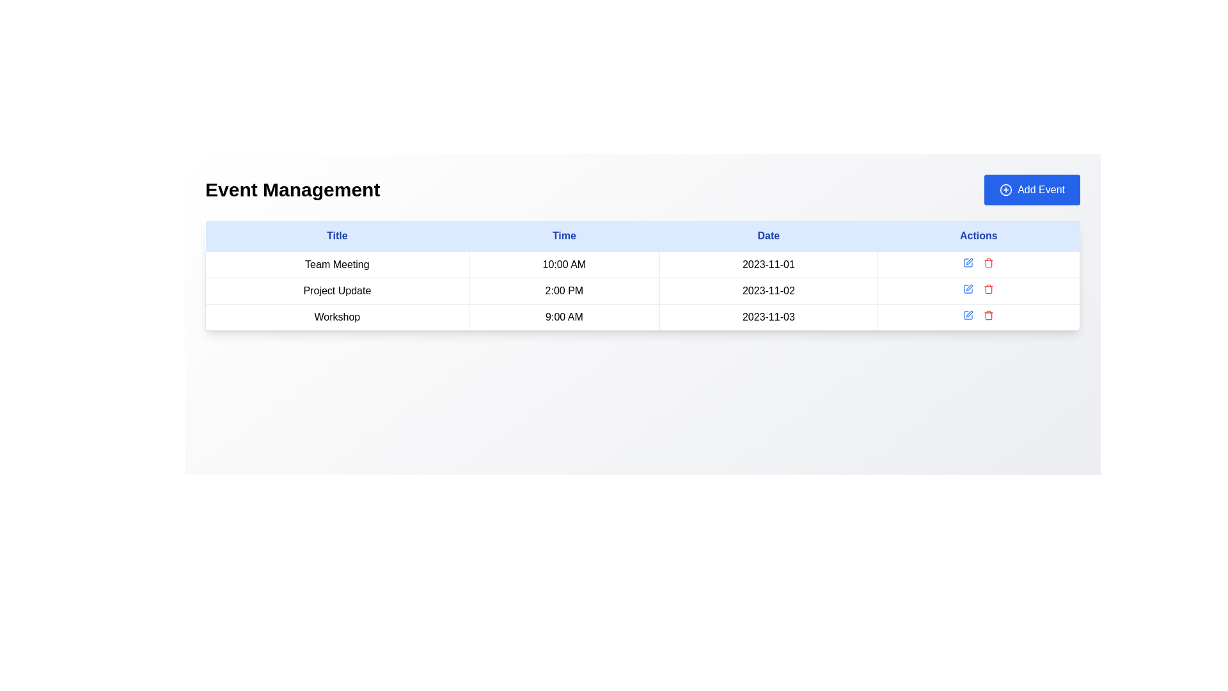 The height and width of the screenshot is (691, 1228). Describe the element at coordinates (988, 290) in the screenshot. I see `the trash can icon located in the 'Actions' column of the second row of the table, which serves as a delete action` at that location.